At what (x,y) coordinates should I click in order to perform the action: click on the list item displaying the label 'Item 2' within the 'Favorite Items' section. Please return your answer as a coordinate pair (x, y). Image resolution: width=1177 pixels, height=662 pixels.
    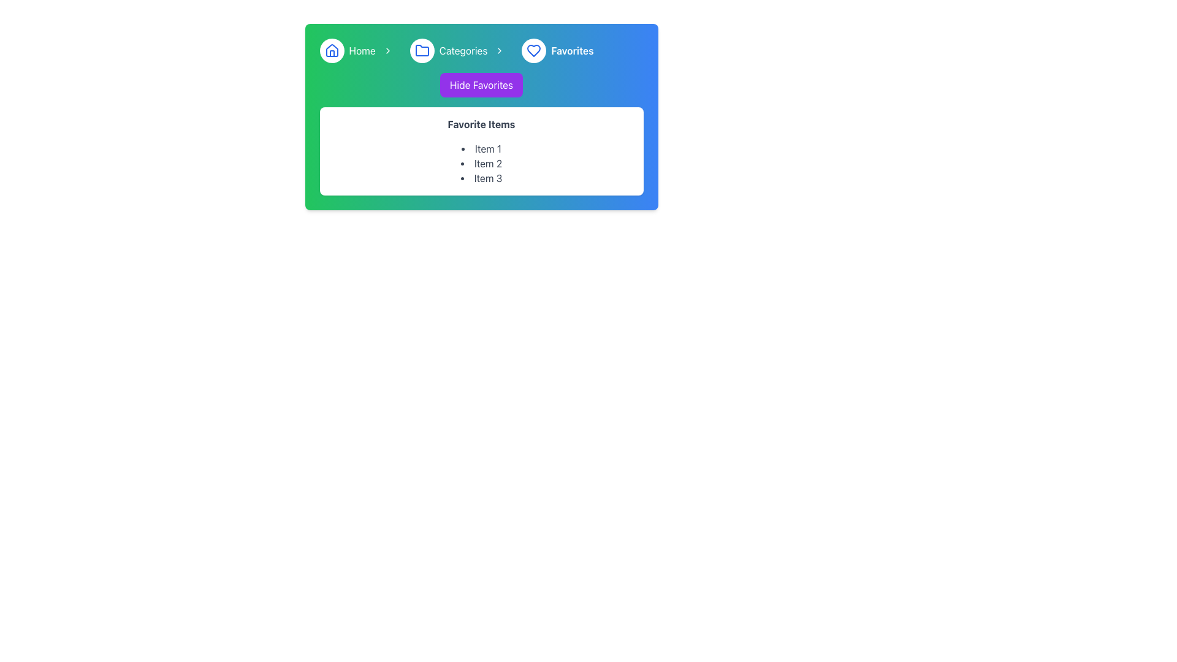
    Looking at the image, I should click on (481, 162).